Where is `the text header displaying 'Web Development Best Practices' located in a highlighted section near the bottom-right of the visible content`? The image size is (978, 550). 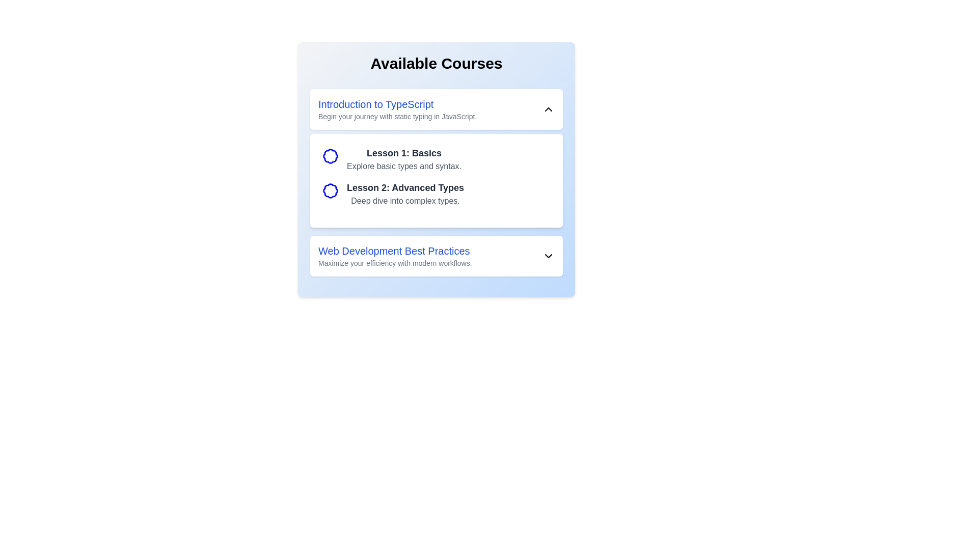
the text header displaying 'Web Development Best Practices' located in a highlighted section near the bottom-right of the visible content is located at coordinates (394, 251).